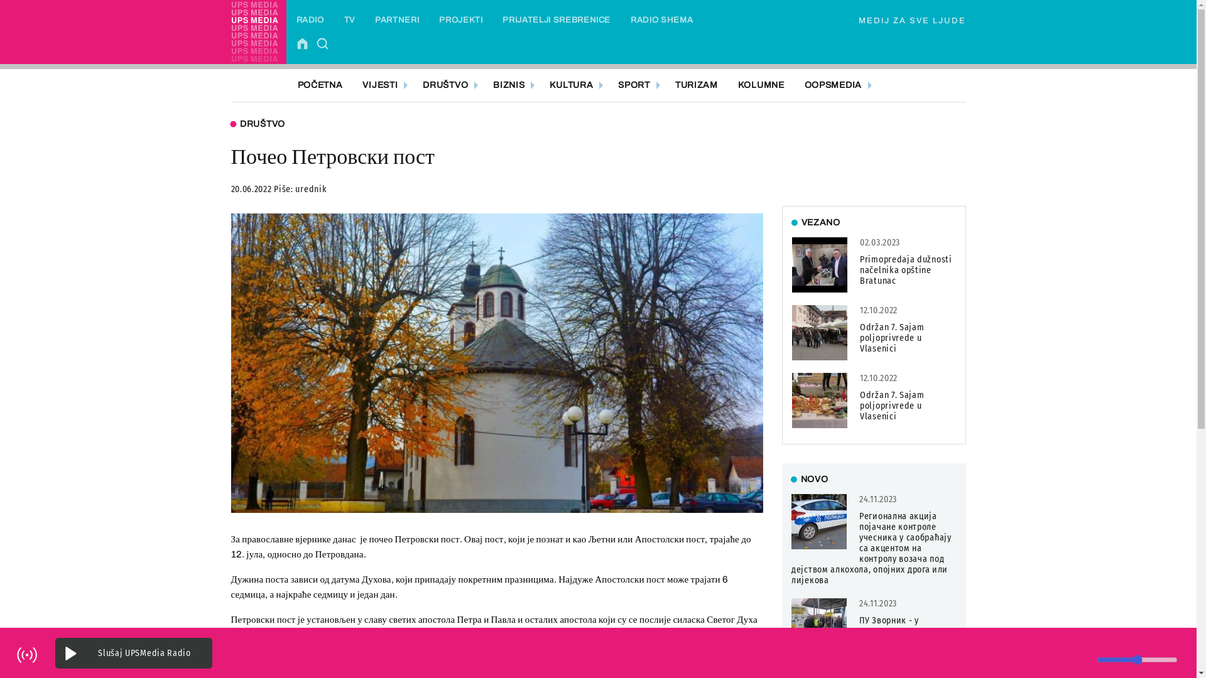 The image size is (1206, 678). I want to click on 'KULTURA', so click(573, 85).